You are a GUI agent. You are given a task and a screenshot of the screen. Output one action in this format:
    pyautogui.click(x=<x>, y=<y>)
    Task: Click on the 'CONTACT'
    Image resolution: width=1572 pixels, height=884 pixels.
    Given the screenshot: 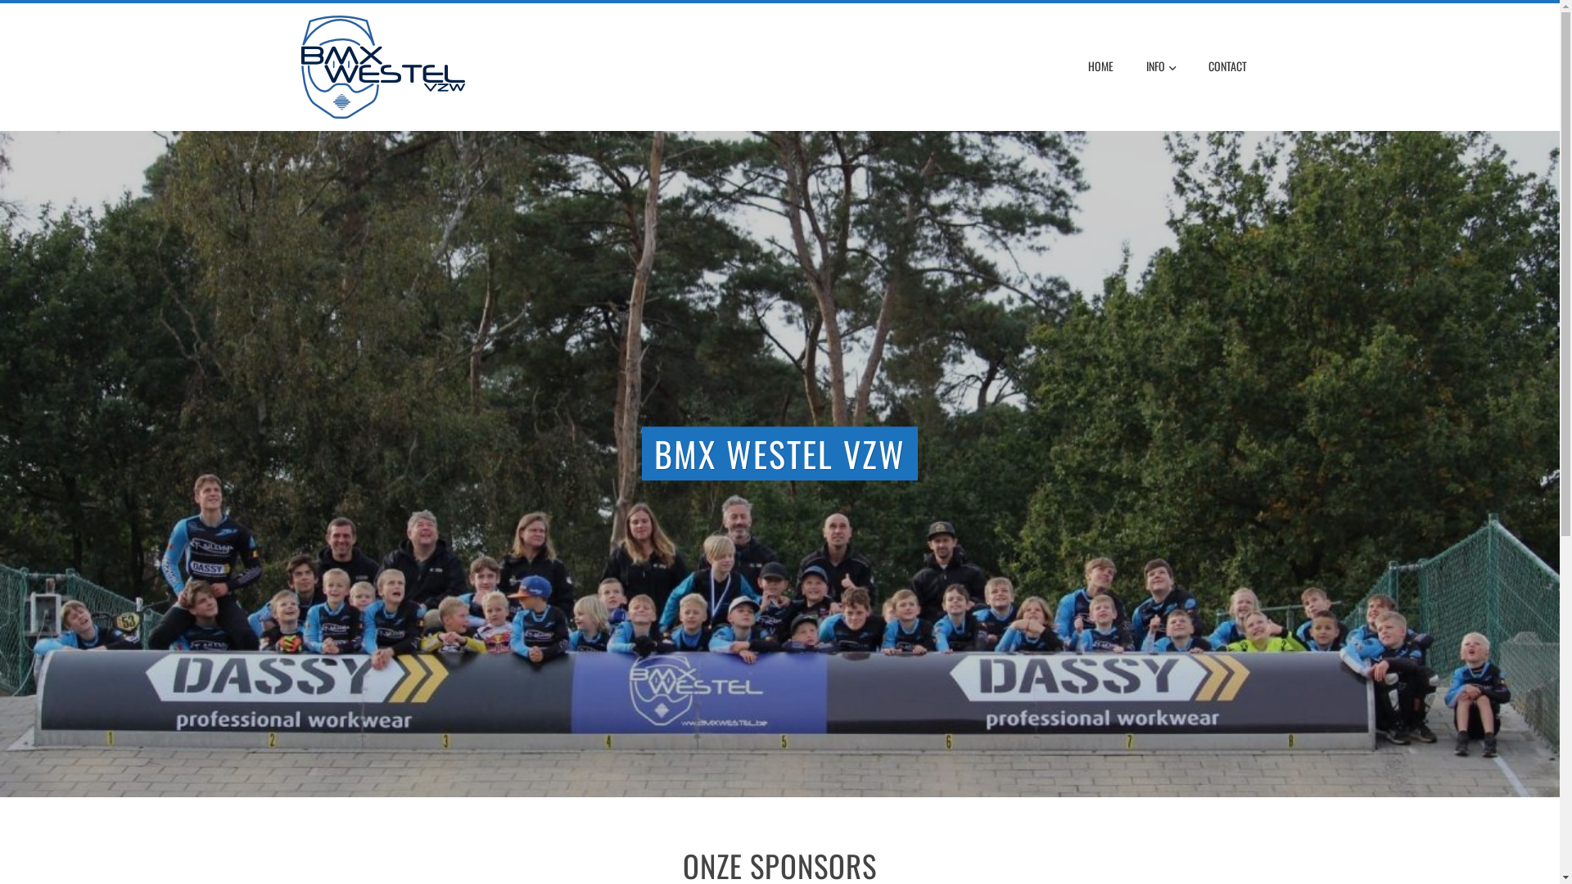 What is the action you would take?
    pyautogui.click(x=1226, y=65)
    